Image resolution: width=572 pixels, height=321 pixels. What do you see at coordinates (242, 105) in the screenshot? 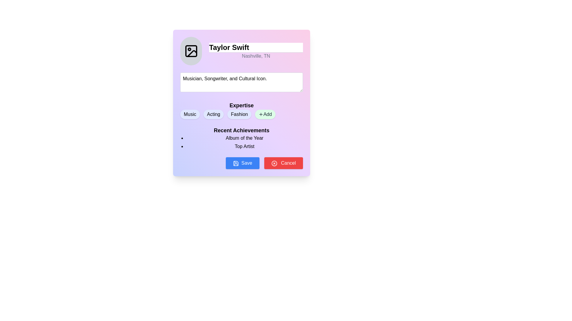
I see `the label that introduces the expertise-related tags, positioned above 'Music,' 'Acting,' 'Fashion,' and the add button` at bounding box center [242, 105].